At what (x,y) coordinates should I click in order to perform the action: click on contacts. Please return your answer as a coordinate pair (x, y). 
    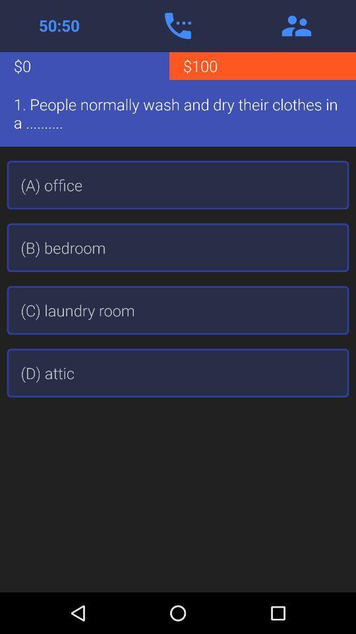
    Looking at the image, I should click on (296, 25).